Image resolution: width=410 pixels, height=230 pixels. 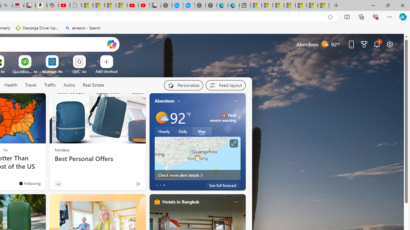 What do you see at coordinates (389, 16) in the screenshot?
I see `'Settings and more (Alt+F)'` at bounding box center [389, 16].